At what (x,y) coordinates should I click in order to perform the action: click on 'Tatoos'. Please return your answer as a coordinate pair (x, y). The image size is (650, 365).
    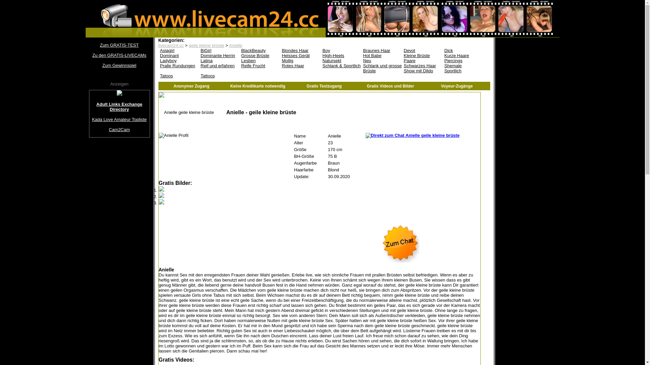
    Looking at the image, I should click on (179, 76).